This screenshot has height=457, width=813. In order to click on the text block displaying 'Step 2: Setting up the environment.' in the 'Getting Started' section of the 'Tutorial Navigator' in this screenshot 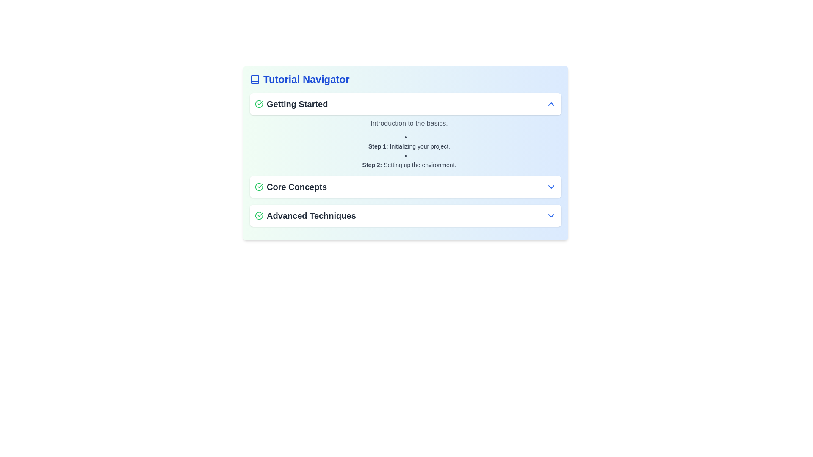, I will do `click(409, 160)`.